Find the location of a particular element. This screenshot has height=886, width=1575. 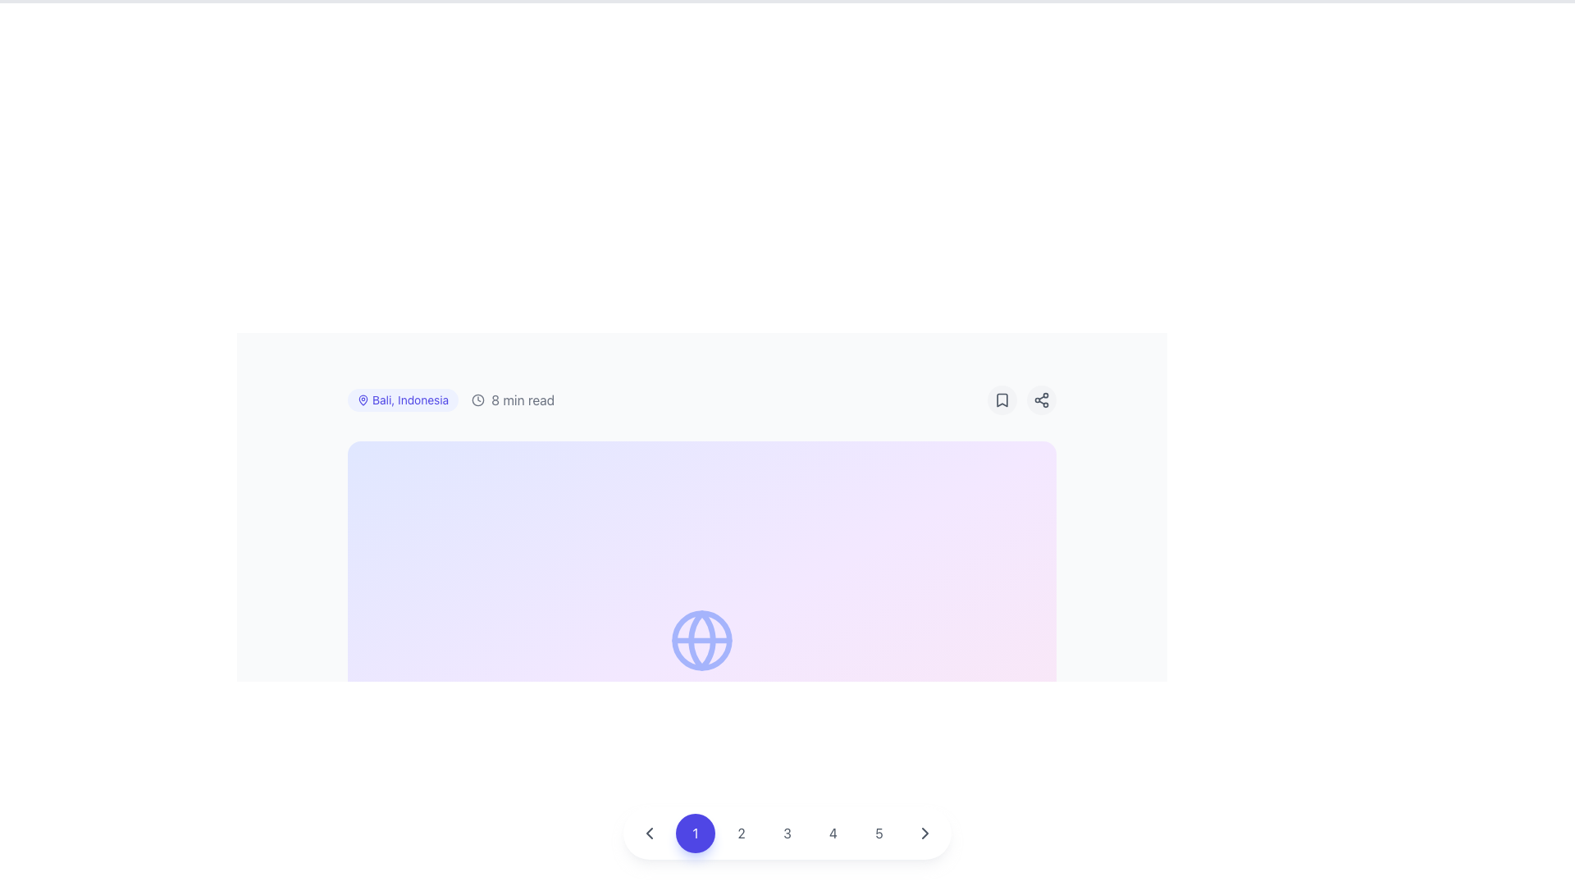

the circular button with a leftward-pointing chevron icon in the pagination control bar is located at coordinates (649, 833).